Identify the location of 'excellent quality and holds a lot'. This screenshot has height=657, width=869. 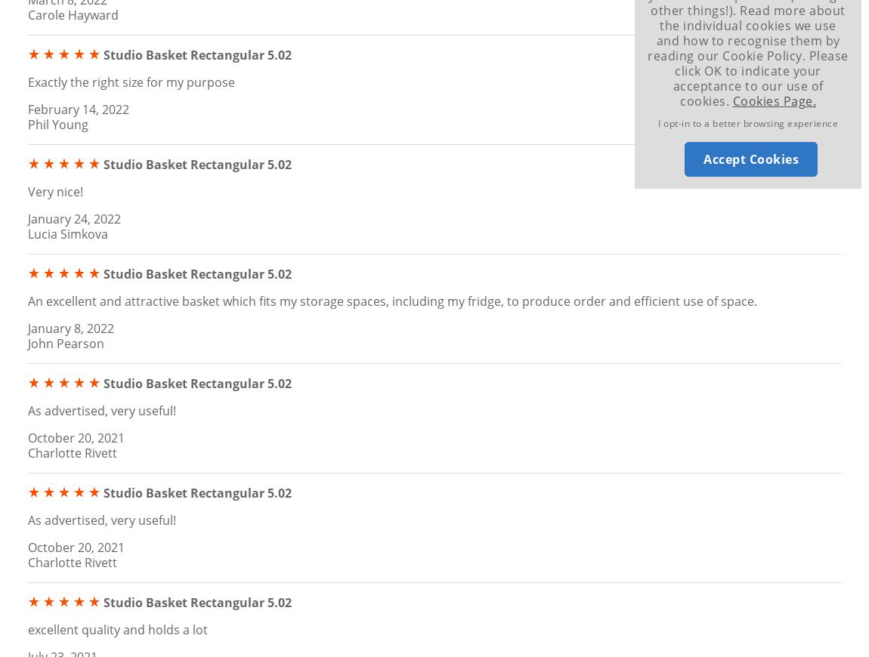
(117, 629).